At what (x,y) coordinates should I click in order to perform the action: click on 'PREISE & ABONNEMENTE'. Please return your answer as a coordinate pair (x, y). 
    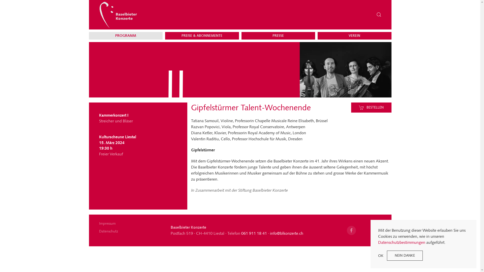
    Looking at the image, I should click on (202, 36).